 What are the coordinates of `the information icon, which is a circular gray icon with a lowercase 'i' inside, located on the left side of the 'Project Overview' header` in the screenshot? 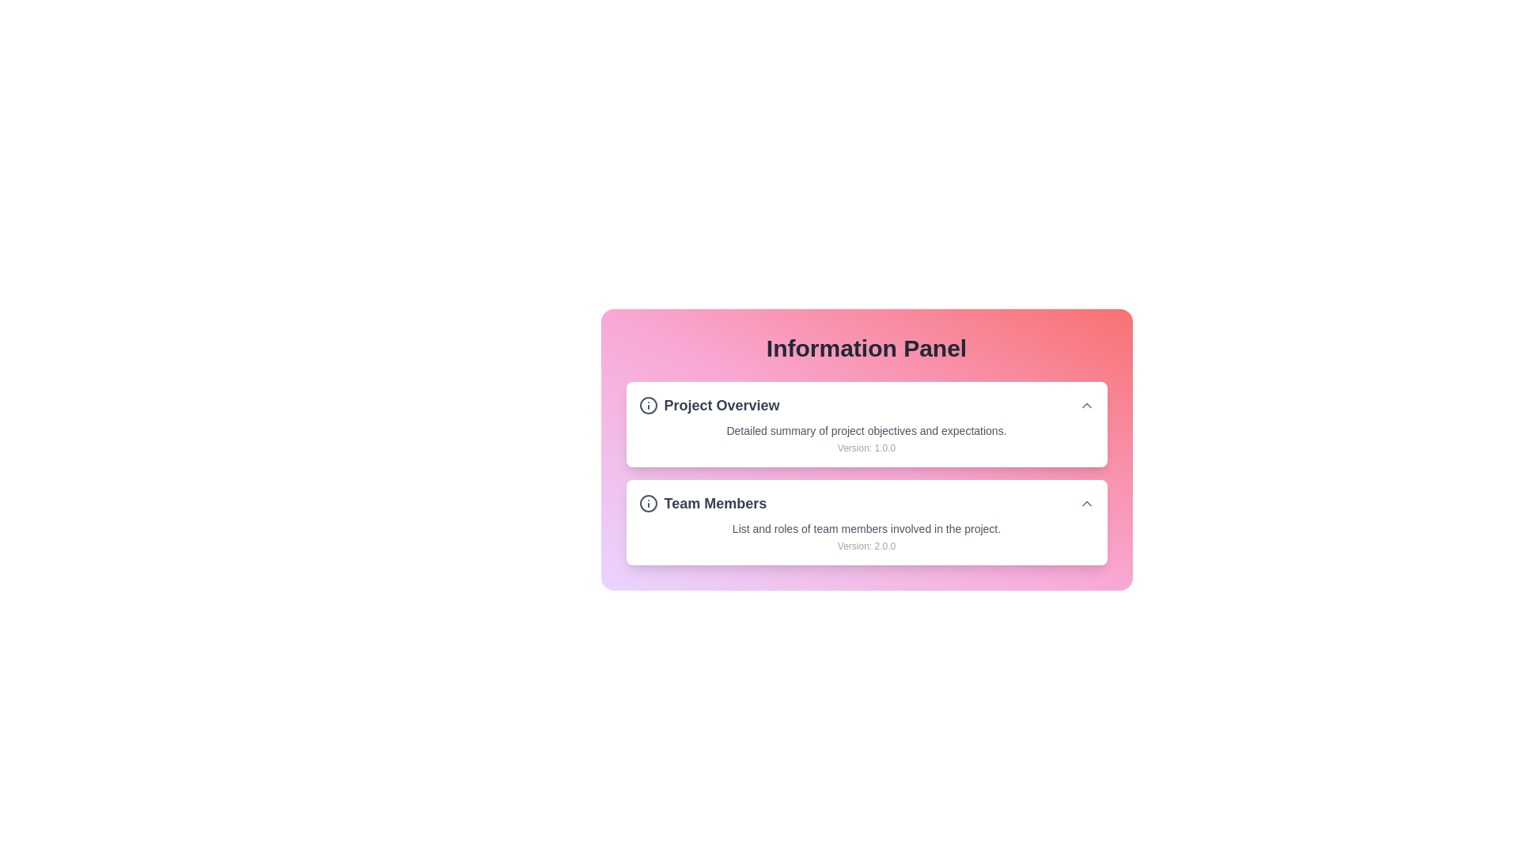 It's located at (648, 405).